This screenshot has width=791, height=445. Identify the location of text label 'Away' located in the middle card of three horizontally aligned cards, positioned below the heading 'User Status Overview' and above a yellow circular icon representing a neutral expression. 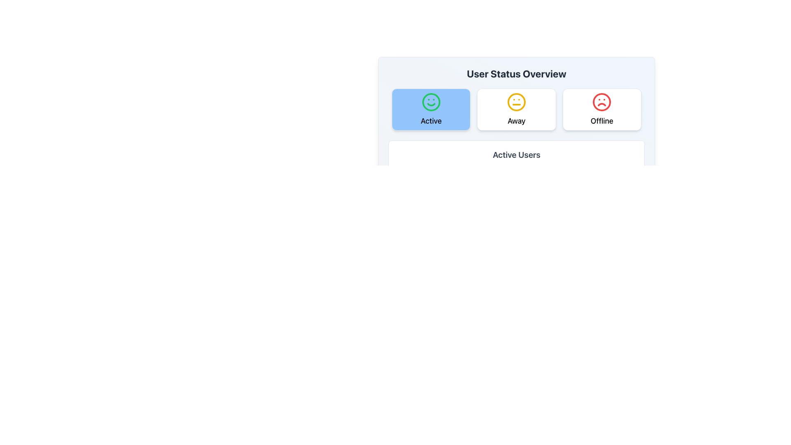
(516, 121).